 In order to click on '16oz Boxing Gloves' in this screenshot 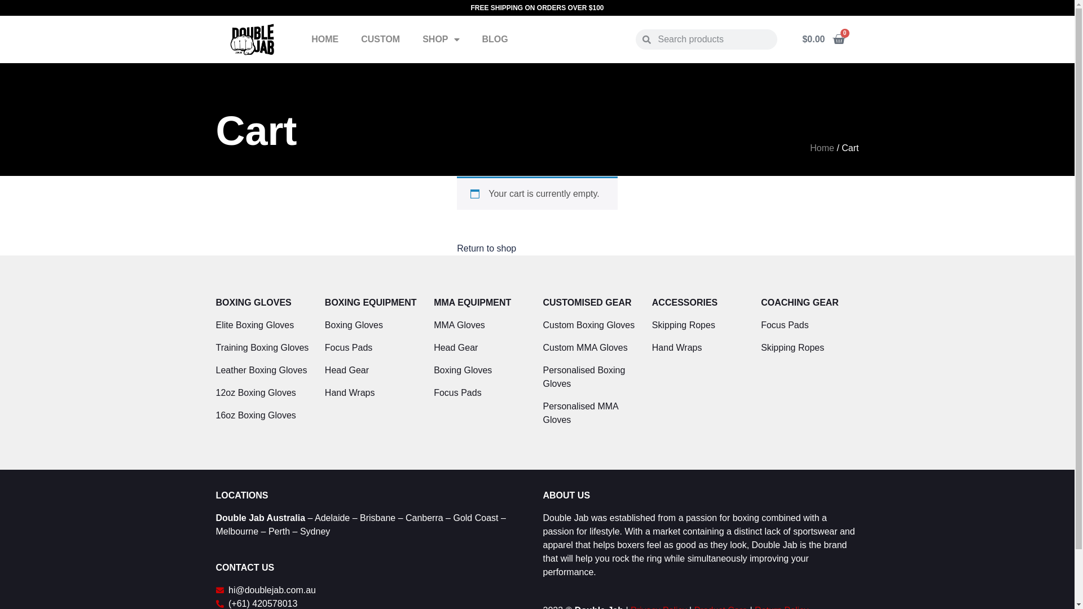, I will do `click(263, 415)`.